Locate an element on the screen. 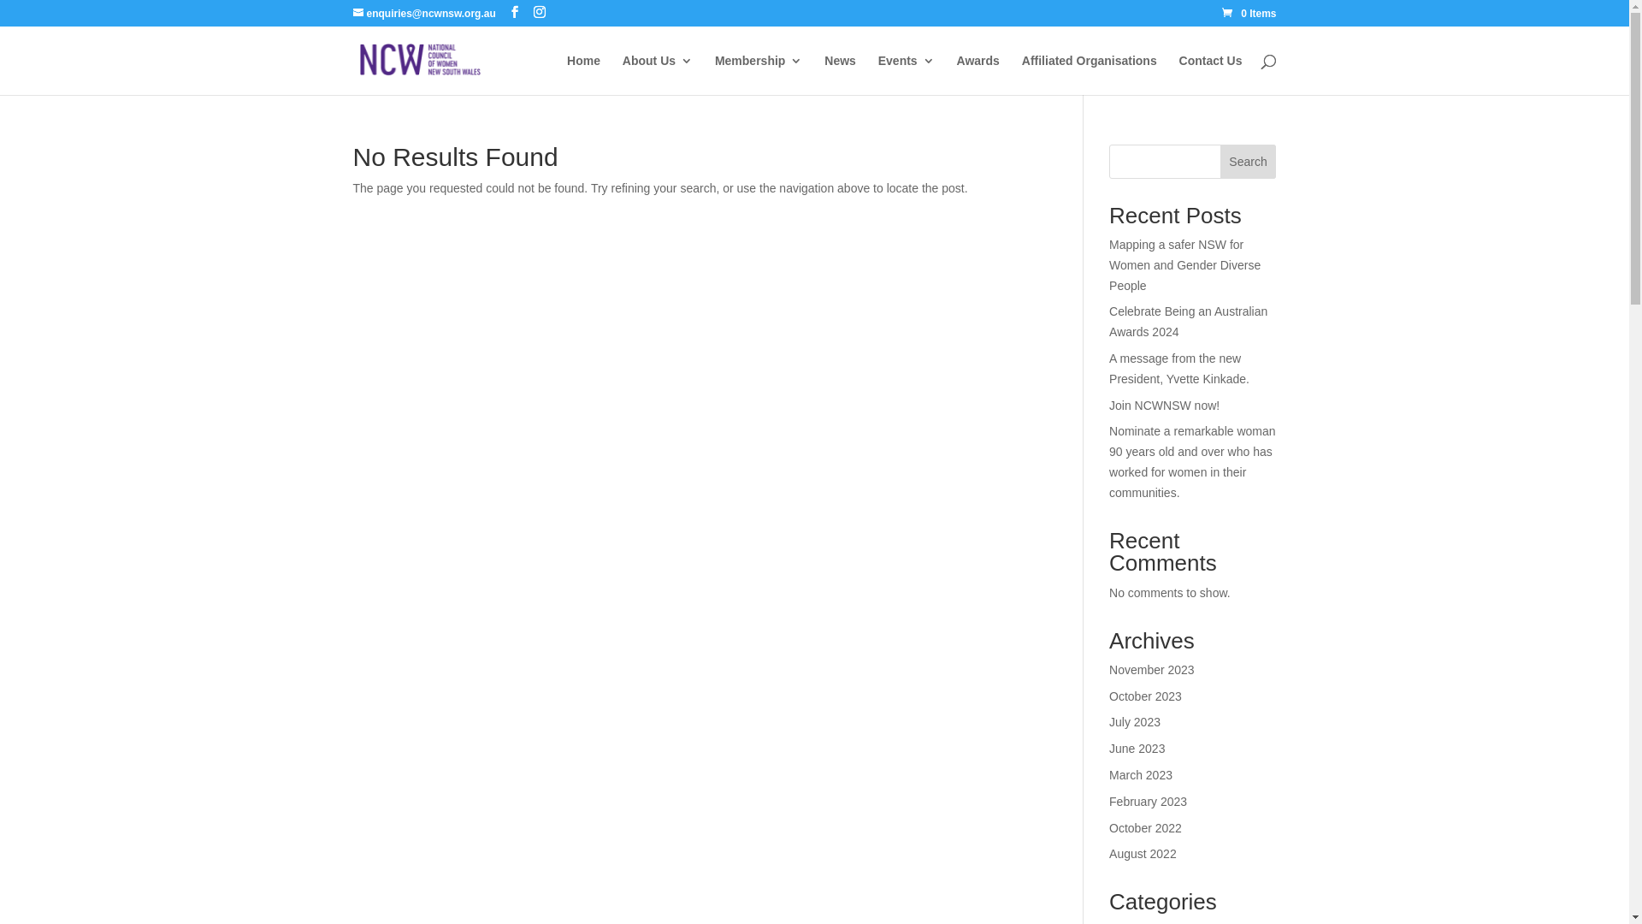 This screenshot has height=924, width=1642. 'Home' is located at coordinates (583, 74).